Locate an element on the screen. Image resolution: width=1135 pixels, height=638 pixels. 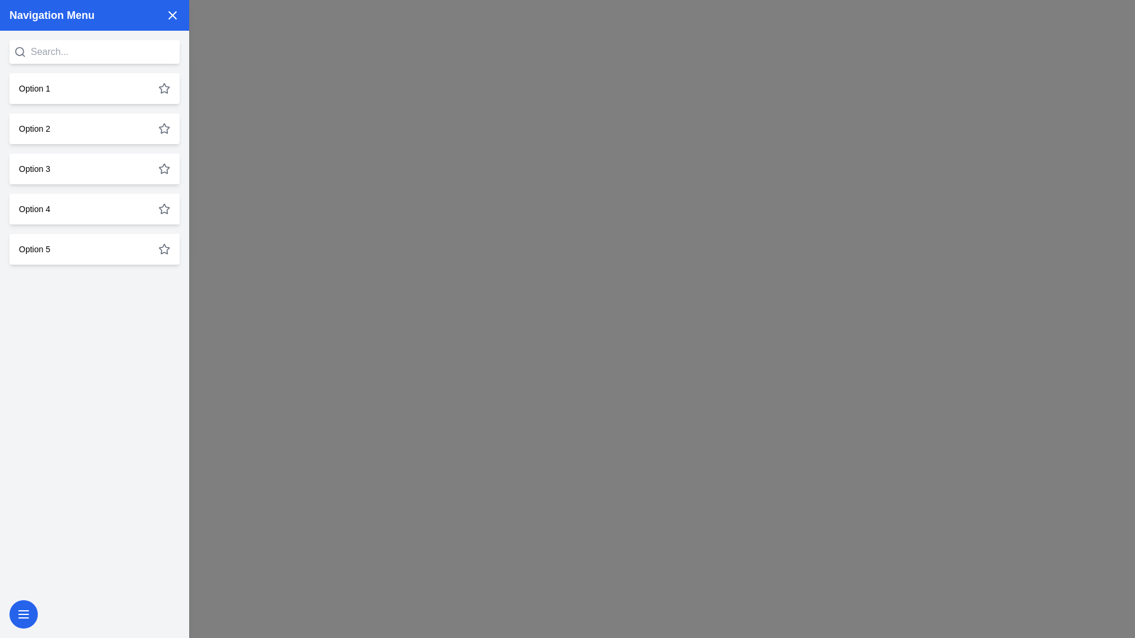
the hamburger menu icon located at the bottom-left corner of the interface is located at coordinates (23, 614).